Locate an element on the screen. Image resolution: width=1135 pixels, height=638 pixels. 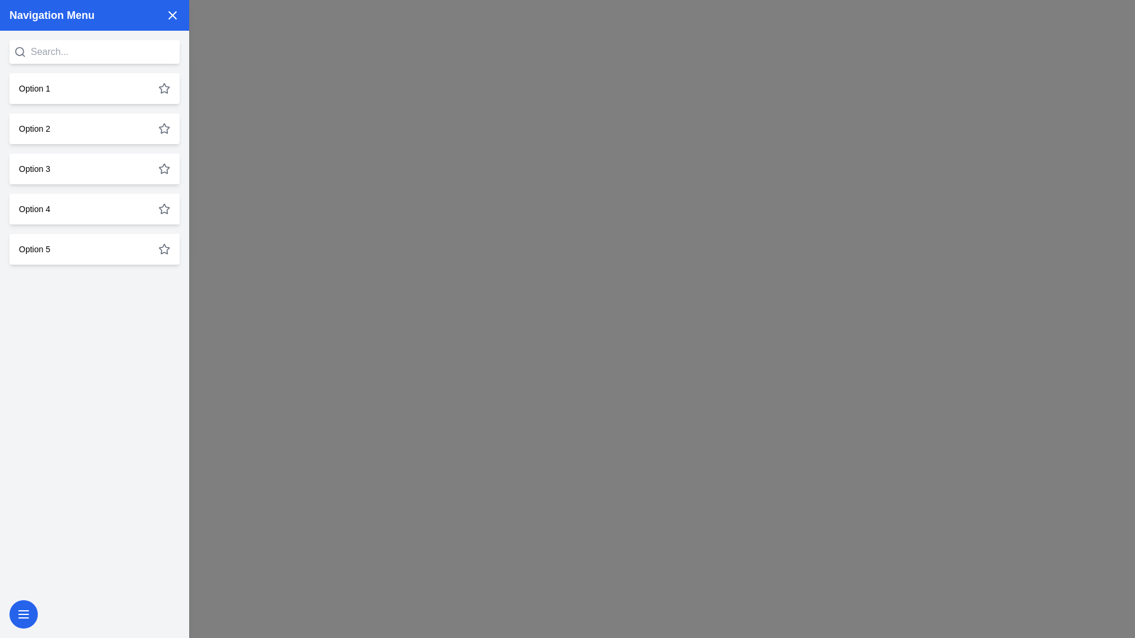
the hamburger menu icon located at the bottom-left corner of the interface is located at coordinates (23, 614).